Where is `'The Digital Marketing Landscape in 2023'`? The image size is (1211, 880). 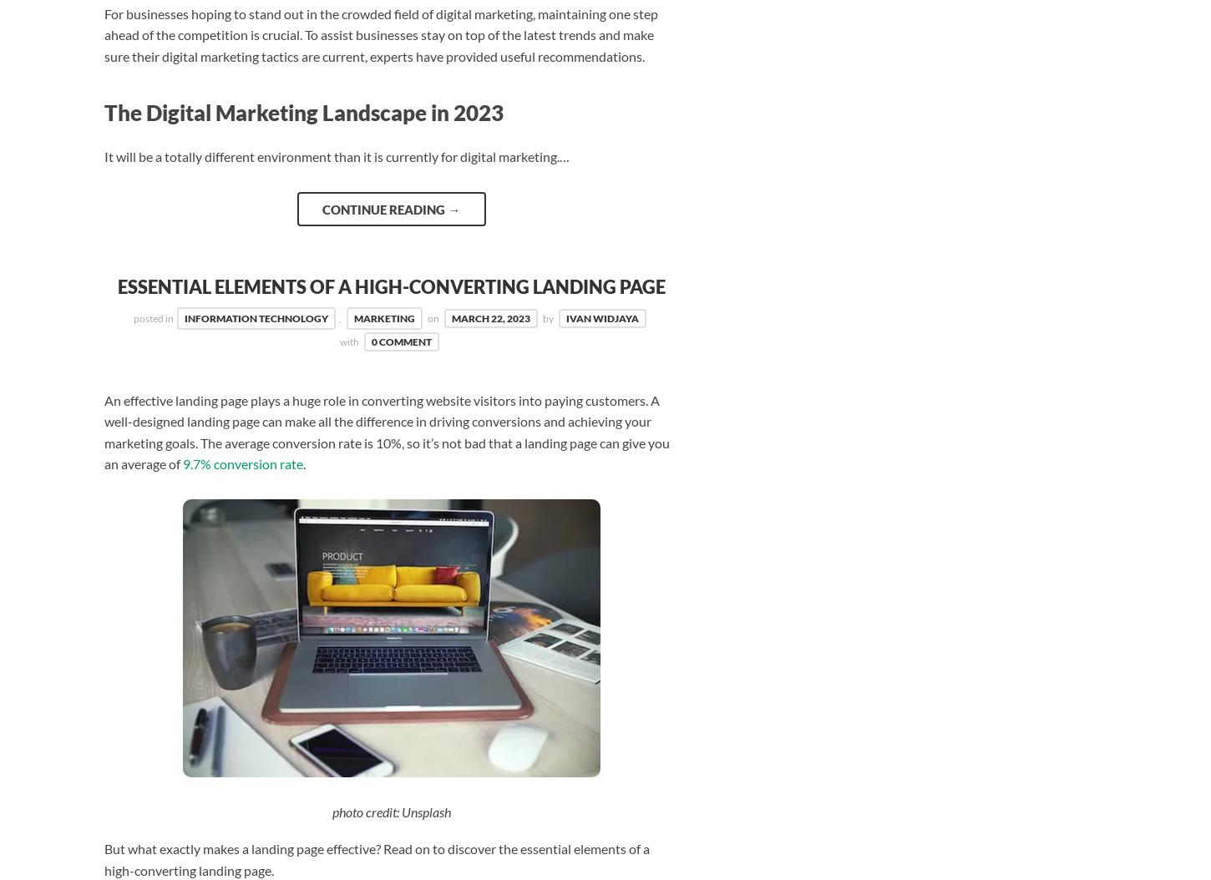 'The Digital Marketing Landscape in 2023' is located at coordinates (302, 113).